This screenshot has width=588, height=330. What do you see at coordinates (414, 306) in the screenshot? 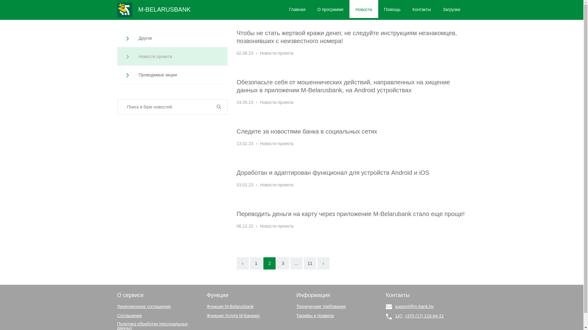
I see `'support@m-bank.by'` at bounding box center [414, 306].